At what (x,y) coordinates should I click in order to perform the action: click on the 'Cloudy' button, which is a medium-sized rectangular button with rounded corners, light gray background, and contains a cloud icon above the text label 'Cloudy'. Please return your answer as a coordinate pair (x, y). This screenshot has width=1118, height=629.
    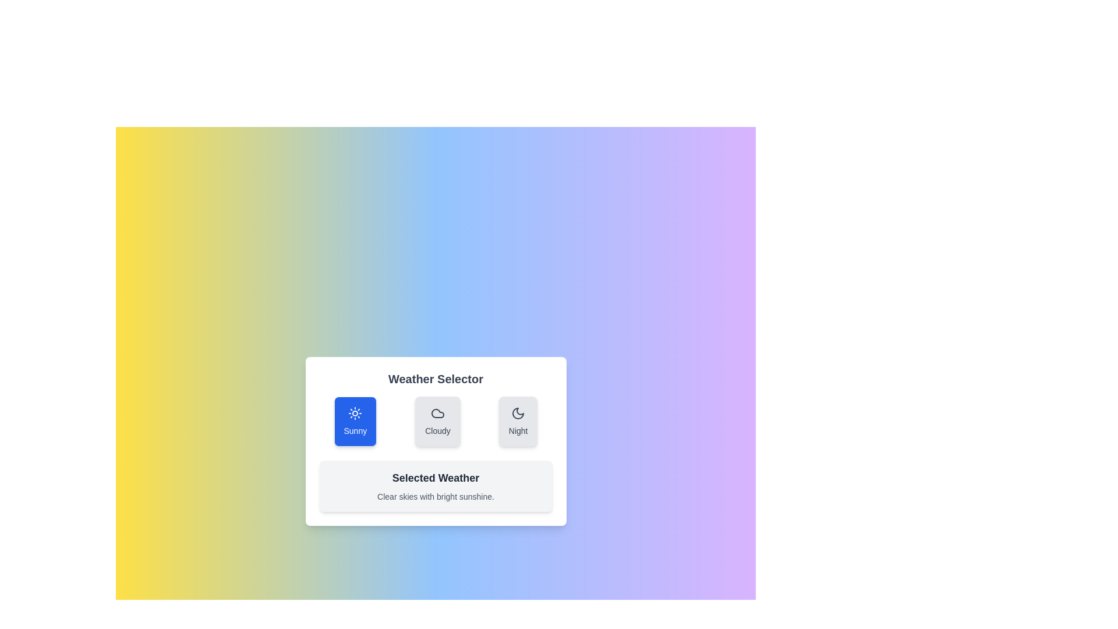
    Looking at the image, I should click on (437, 422).